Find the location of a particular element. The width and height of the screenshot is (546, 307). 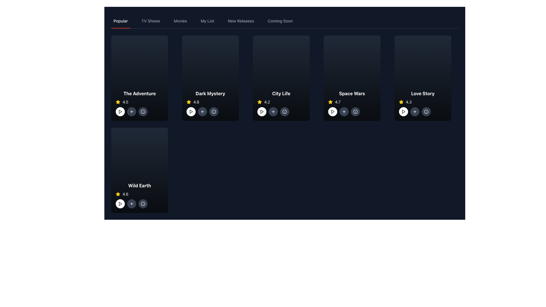

the circular button with a plus sign located at the bottom center of the 'City Life' movie card is located at coordinates (273, 112).